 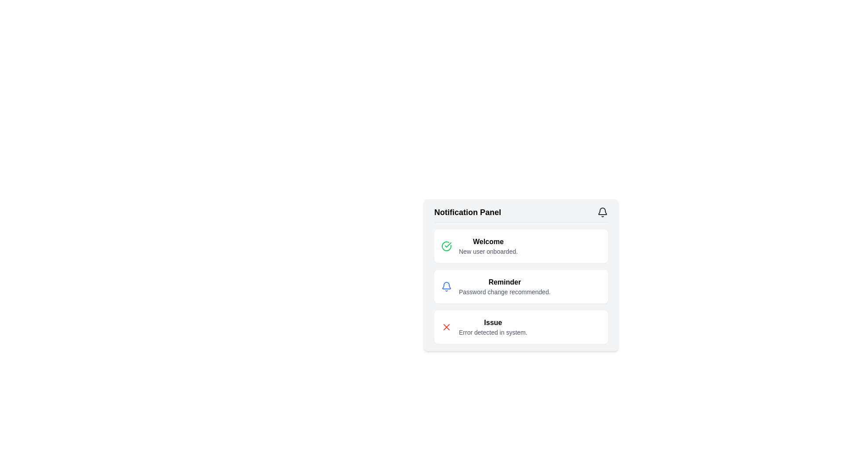 What do you see at coordinates (521, 286) in the screenshot?
I see `the second notification panel item located below the 'Welcome' notification and above the 'Issue' notification, which serves as a reminder about changing the user's password` at bounding box center [521, 286].